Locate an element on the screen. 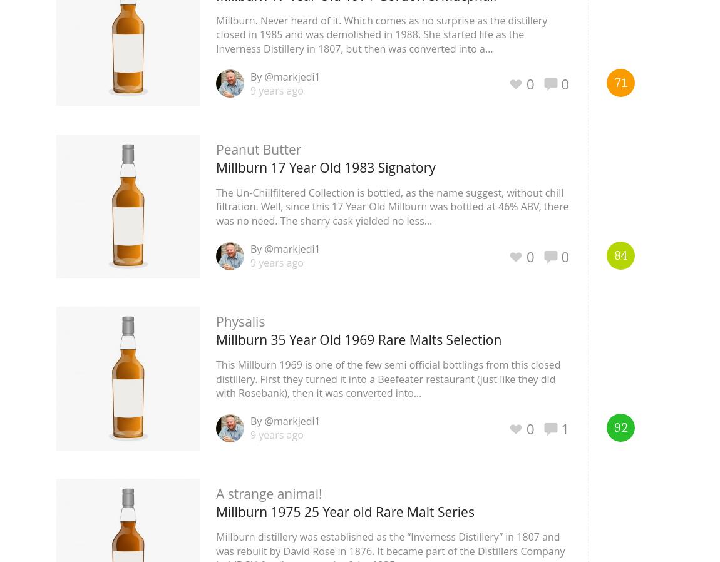 This screenshot has width=720, height=562. 'Physalis' is located at coordinates (240, 320).